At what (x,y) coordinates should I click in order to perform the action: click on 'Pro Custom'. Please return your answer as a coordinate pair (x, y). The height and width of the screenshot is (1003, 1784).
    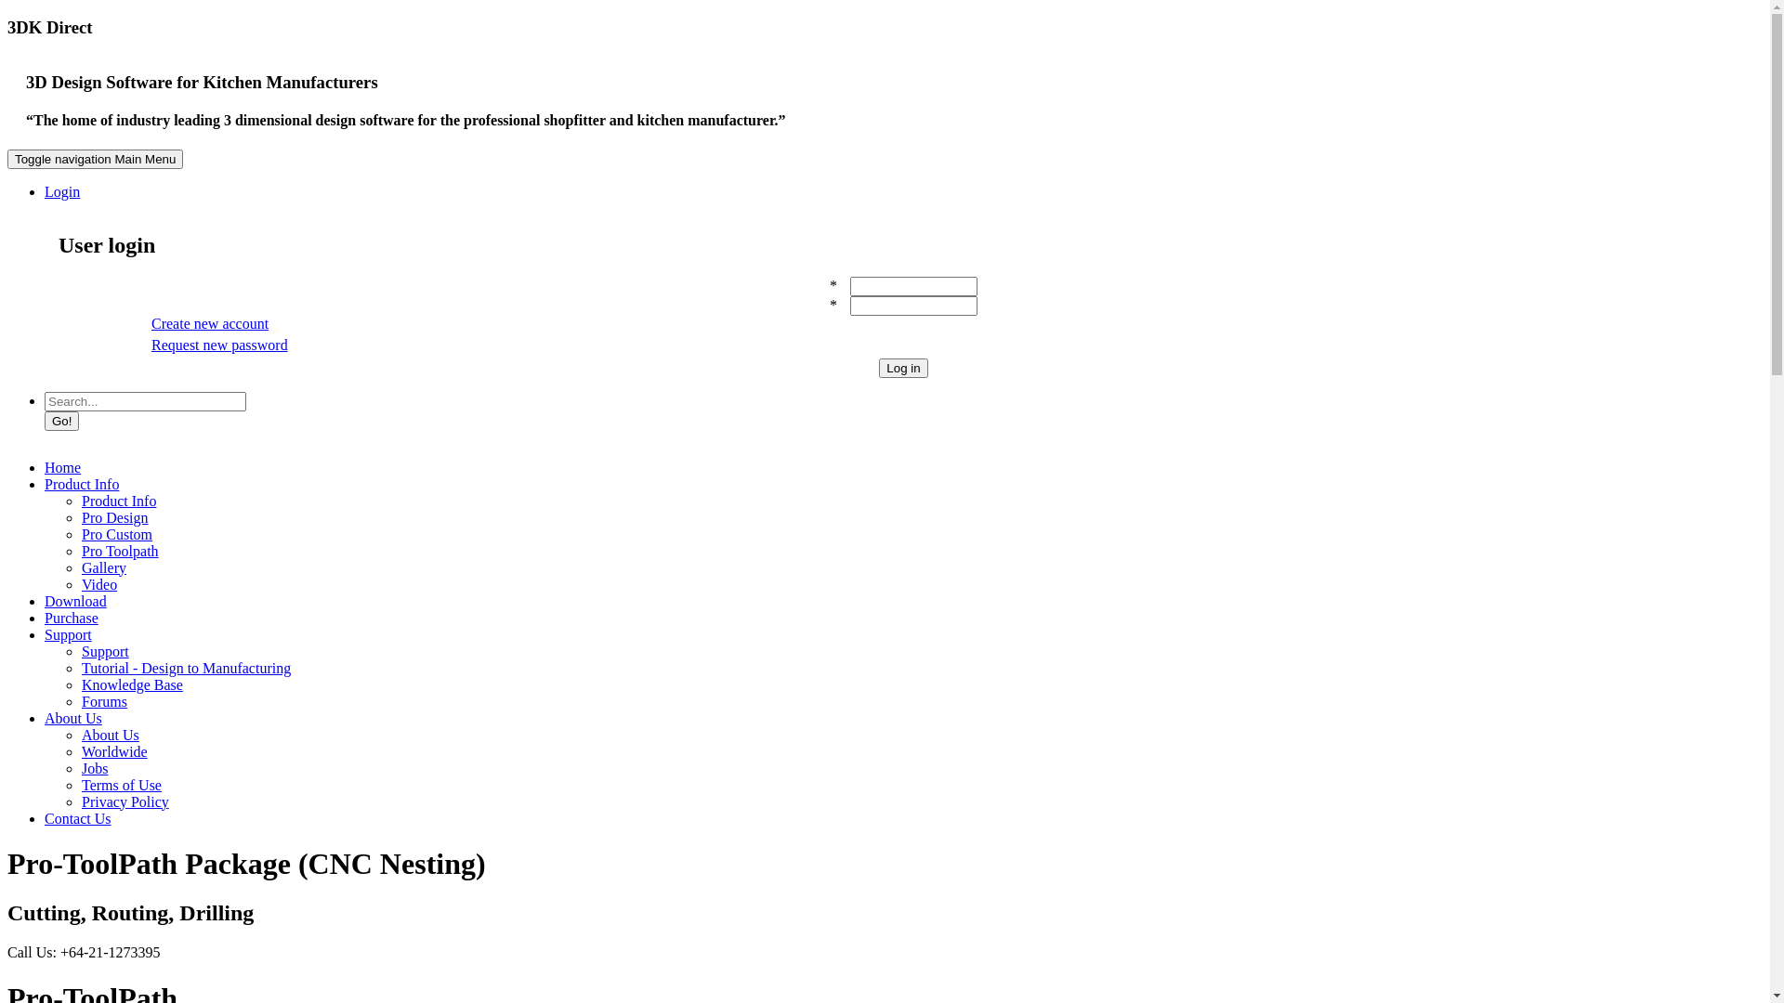
    Looking at the image, I should click on (115, 533).